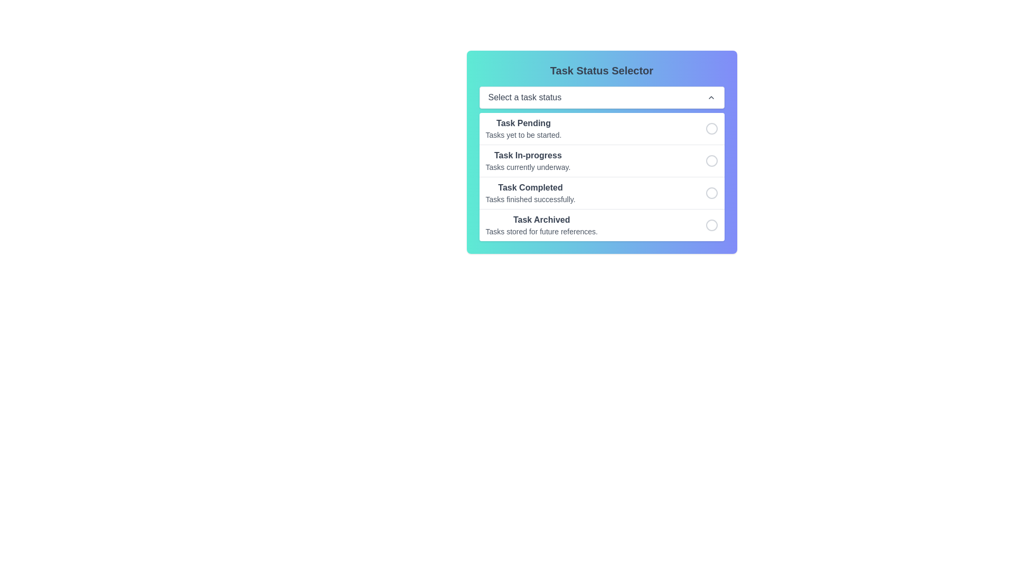 The width and height of the screenshot is (1014, 570). What do you see at coordinates (523, 128) in the screenshot?
I see `the text block displaying the task status labeled 'Pending', which is the first item in the vertical list of task status selections` at bounding box center [523, 128].